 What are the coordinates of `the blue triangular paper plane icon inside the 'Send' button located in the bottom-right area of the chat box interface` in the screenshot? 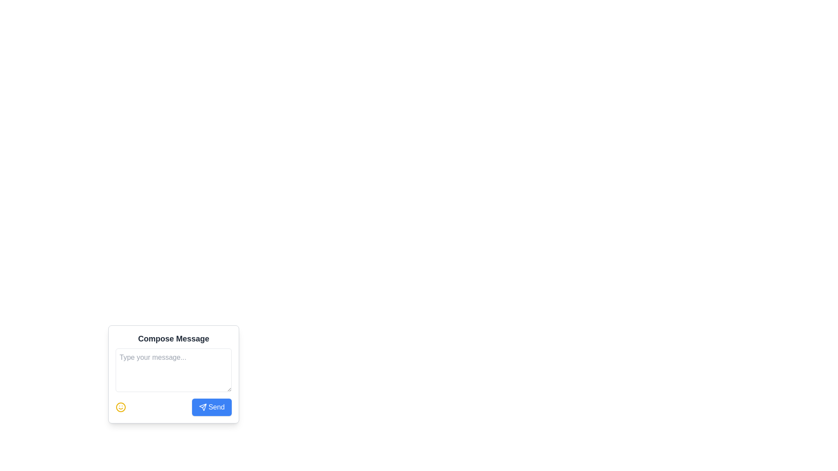 It's located at (202, 407).